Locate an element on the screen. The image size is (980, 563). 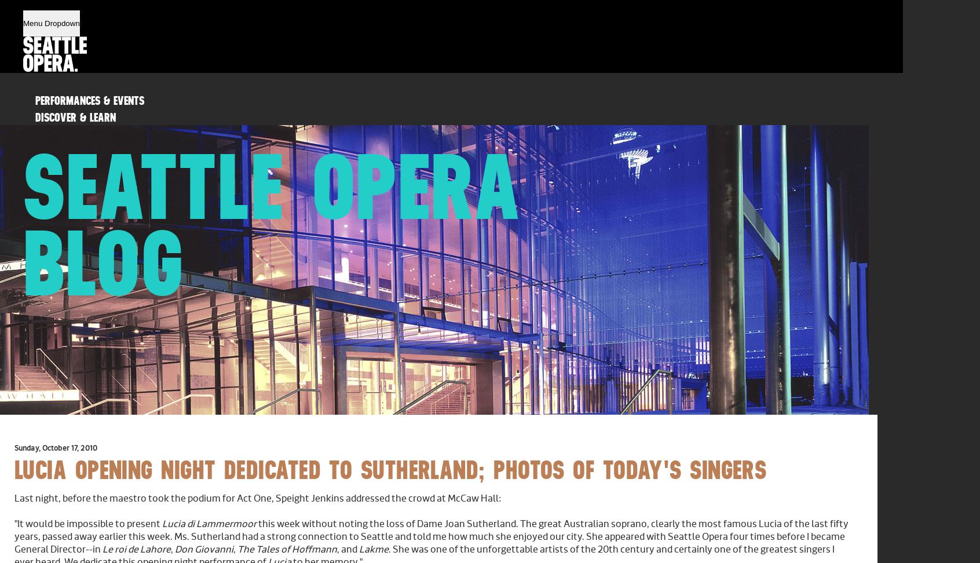
'Ticket Information' is located at coordinates (80, 151).